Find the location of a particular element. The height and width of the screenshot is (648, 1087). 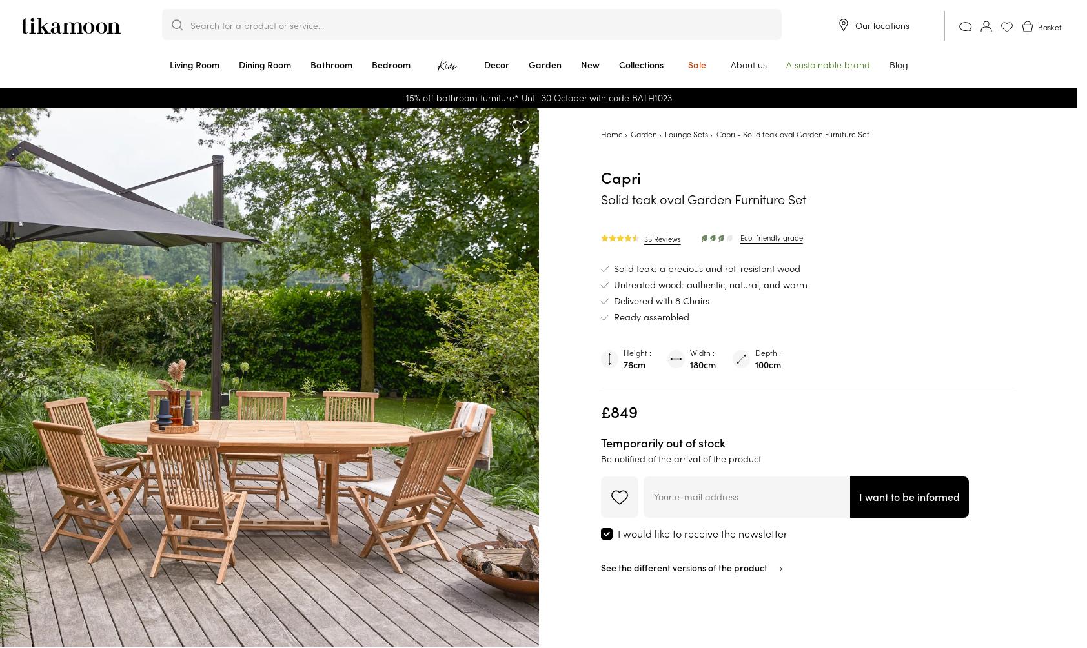

'Living Room' is located at coordinates (194, 65).